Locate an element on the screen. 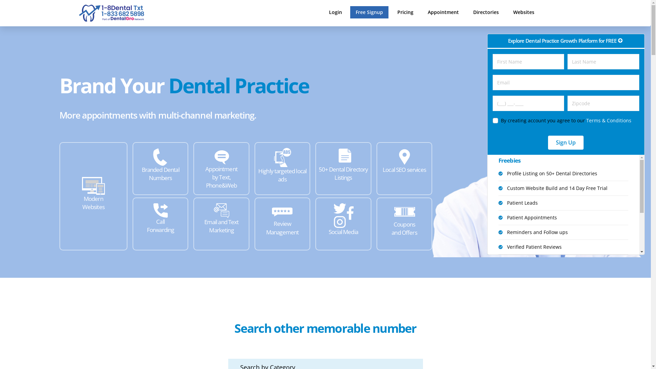 The height and width of the screenshot is (369, 656). '50+ Dental Directory Listings' is located at coordinates (343, 168).